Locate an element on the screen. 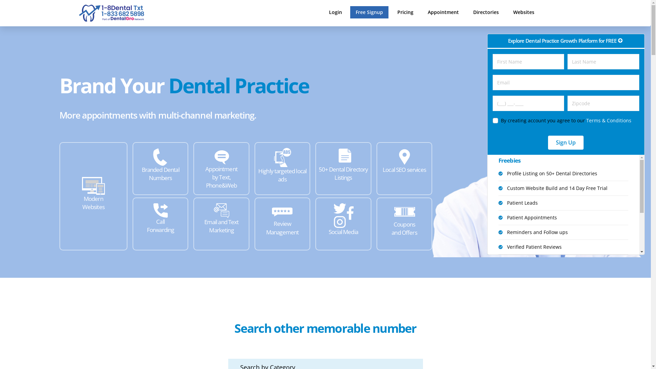 The height and width of the screenshot is (369, 656). '50+ Dental Directory Listings' is located at coordinates (343, 168).